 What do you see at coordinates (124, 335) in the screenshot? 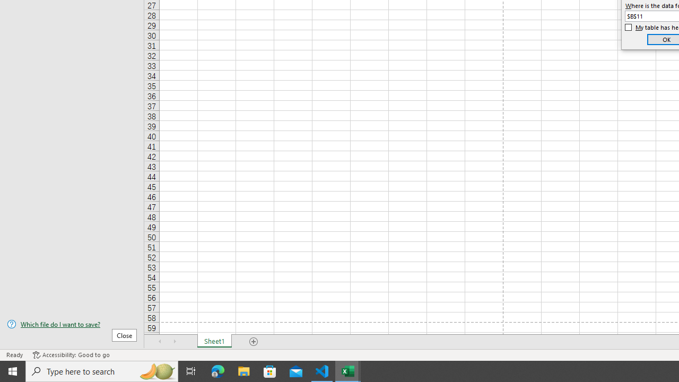
I see `'Close'` at bounding box center [124, 335].